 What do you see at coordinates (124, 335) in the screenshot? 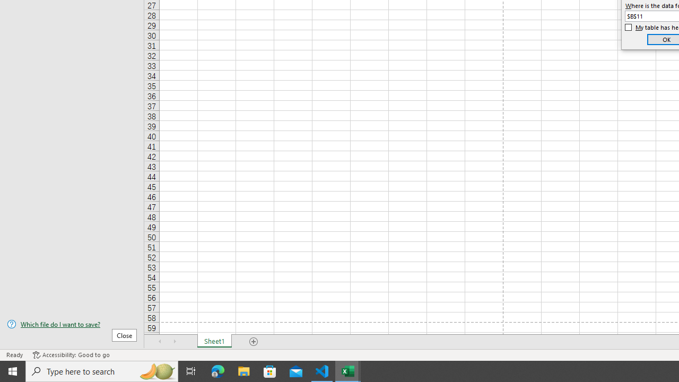
I see `'Close'` at bounding box center [124, 335].